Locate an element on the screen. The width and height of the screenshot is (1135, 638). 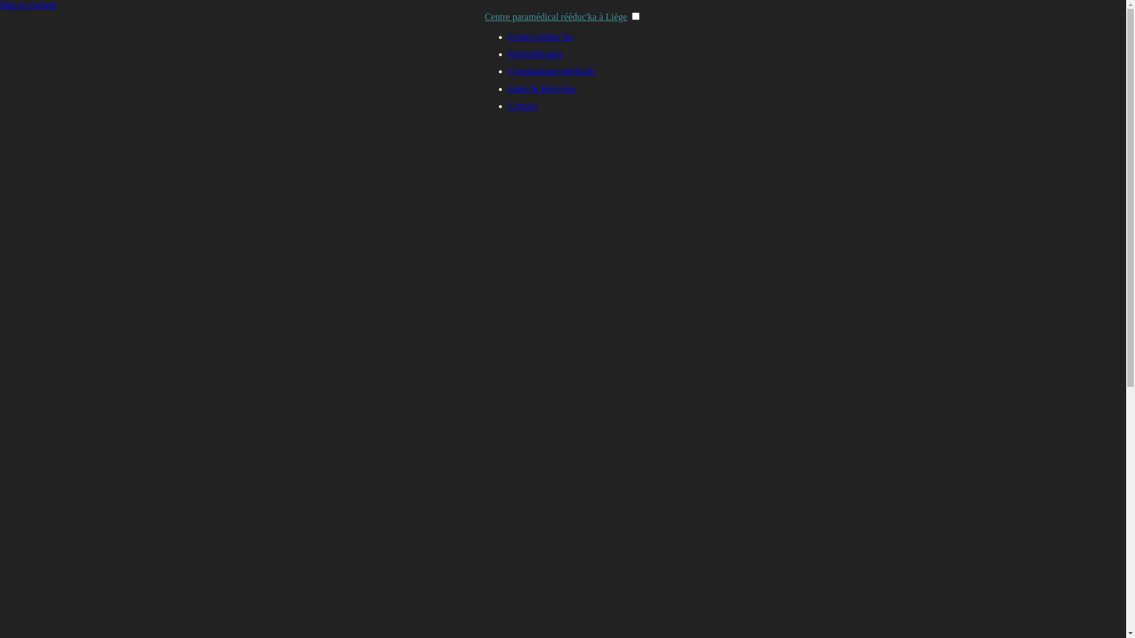
'Skip to content' is located at coordinates (28, 5).